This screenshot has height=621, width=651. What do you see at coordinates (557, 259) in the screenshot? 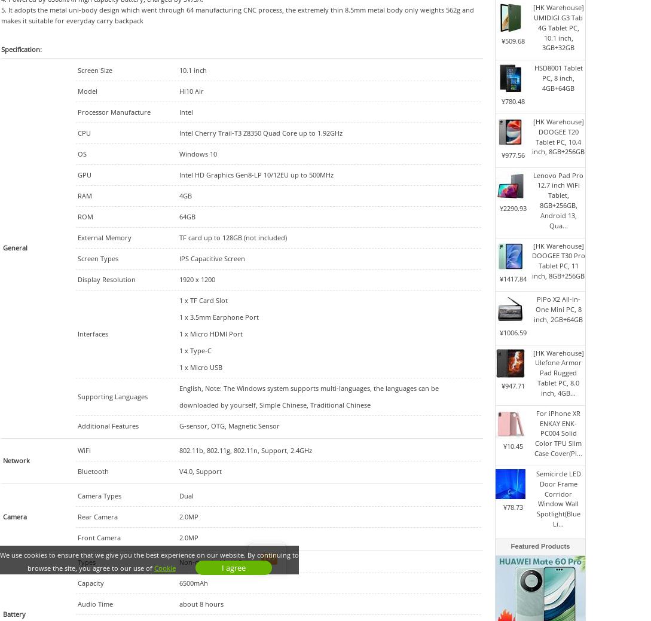
I see `'[HK Warehouse] DOOGEE T30 Pro Tablet PC, 11 inch, 8GB+256GB'` at bounding box center [557, 259].